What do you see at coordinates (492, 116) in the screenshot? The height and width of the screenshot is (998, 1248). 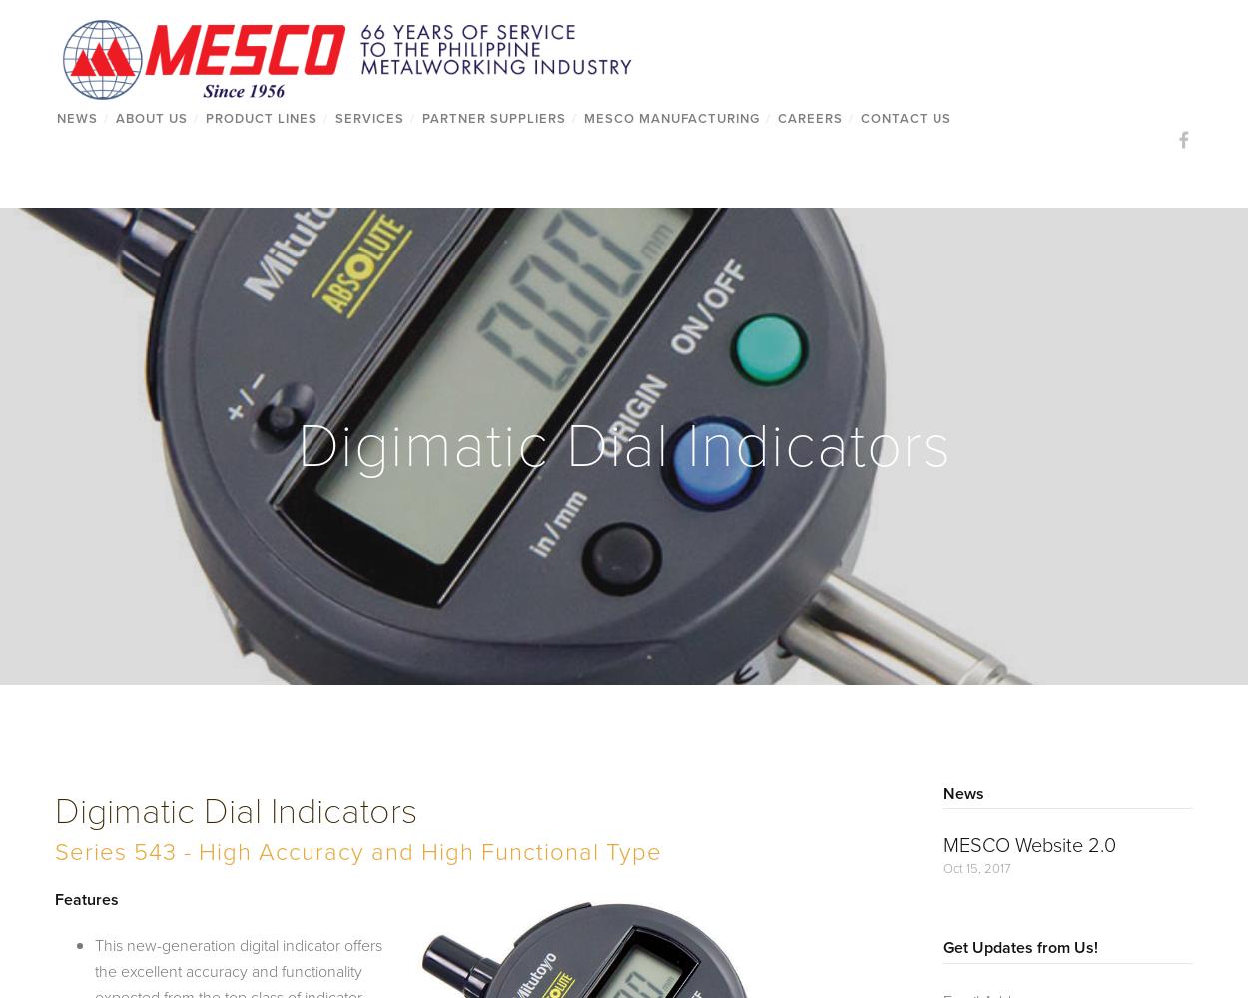 I see `'Partner Suppliers'` at bounding box center [492, 116].